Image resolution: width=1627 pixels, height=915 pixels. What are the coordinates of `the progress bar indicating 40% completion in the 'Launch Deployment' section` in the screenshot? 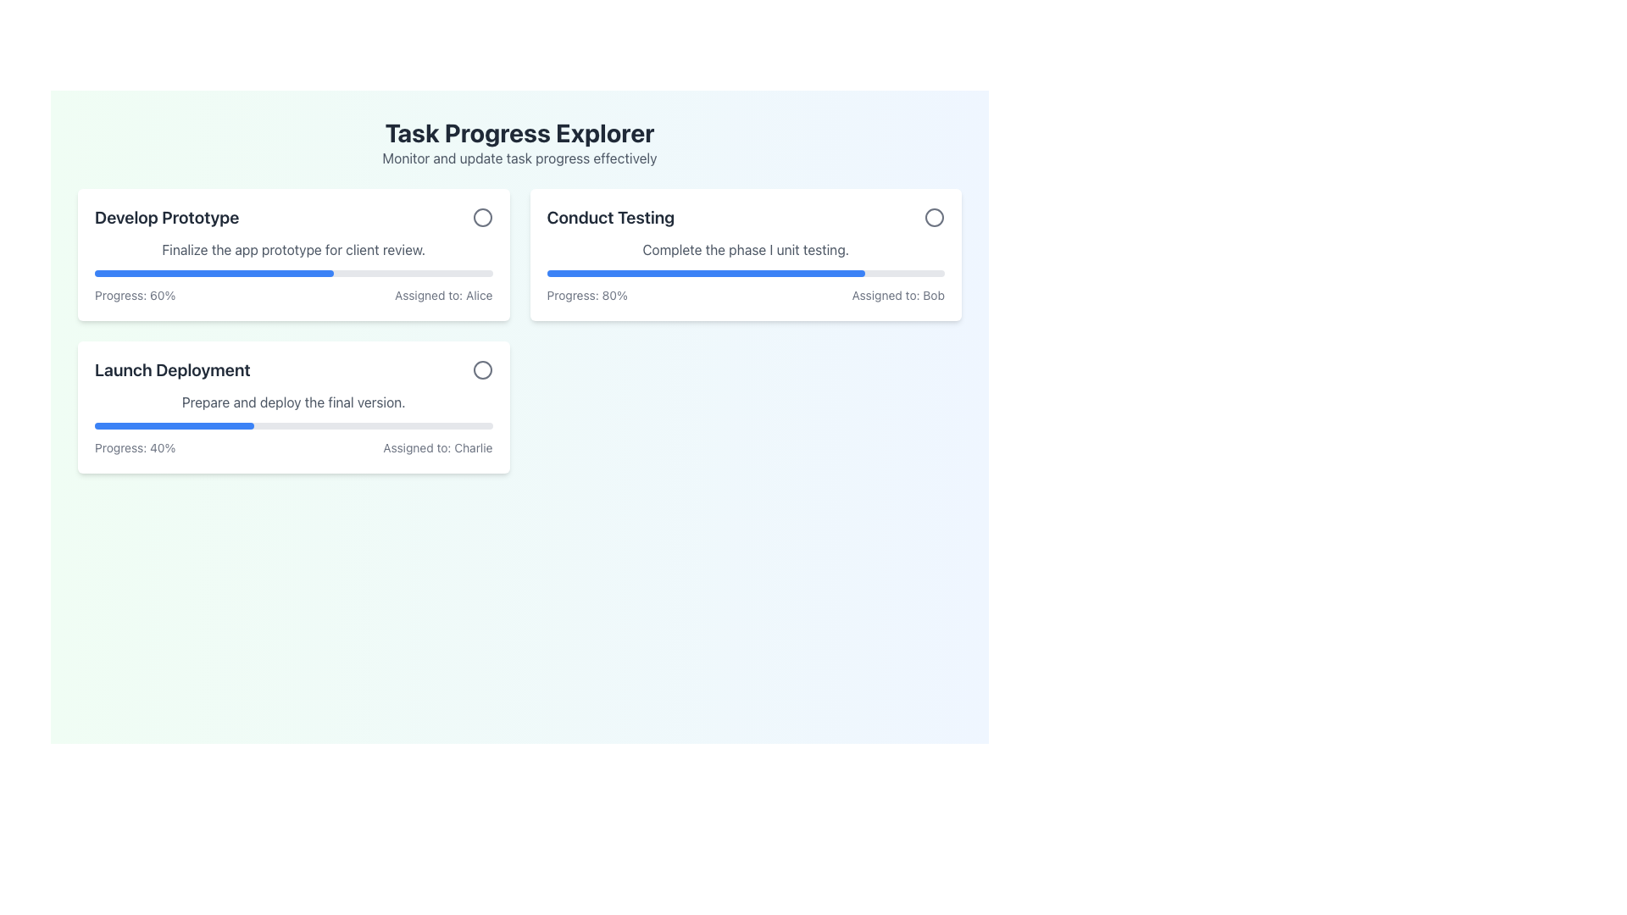 It's located at (293, 424).